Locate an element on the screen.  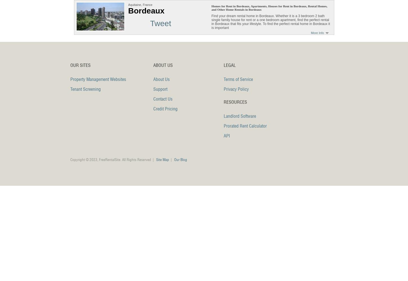
'More Info' is located at coordinates (310, 33).